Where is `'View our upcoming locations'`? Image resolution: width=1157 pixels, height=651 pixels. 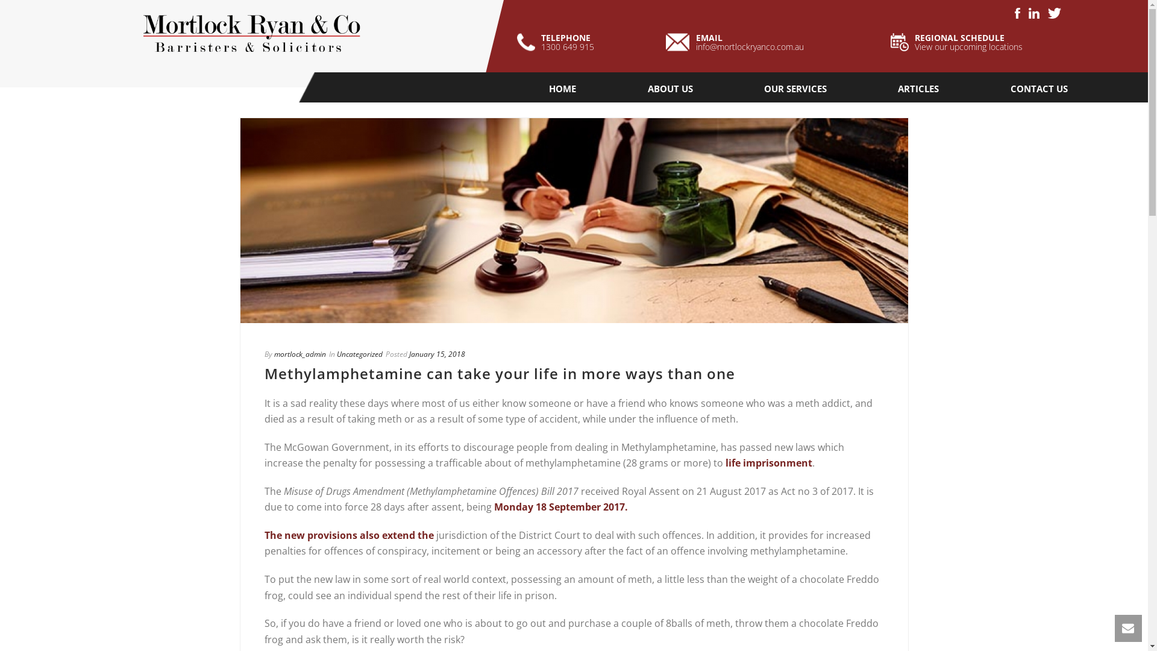 'View our upcoming locations' is located at coordinates (968, 46).